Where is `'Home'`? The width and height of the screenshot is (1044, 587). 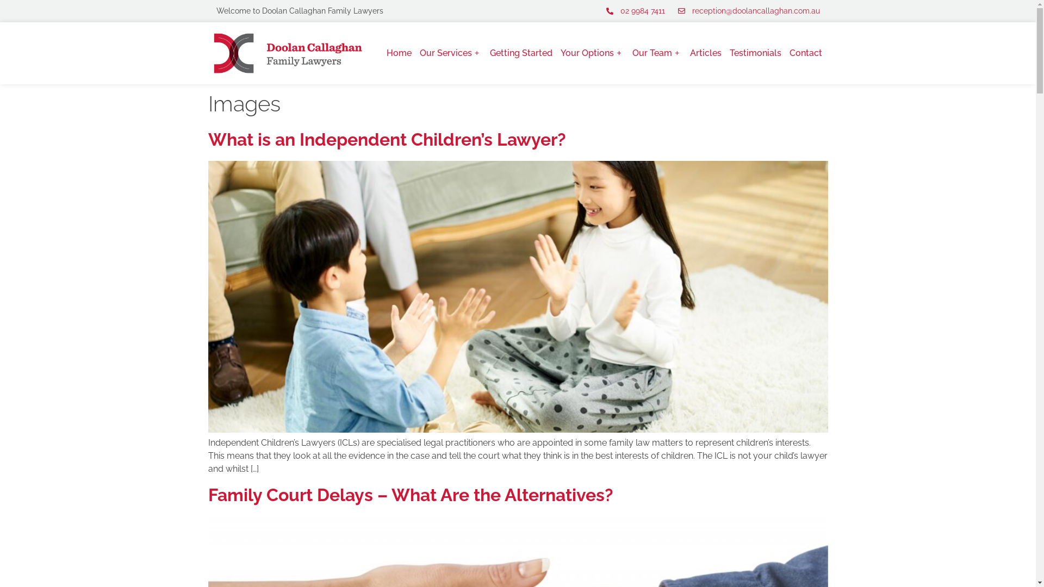 'Home' is located at coordinates (399, 53).